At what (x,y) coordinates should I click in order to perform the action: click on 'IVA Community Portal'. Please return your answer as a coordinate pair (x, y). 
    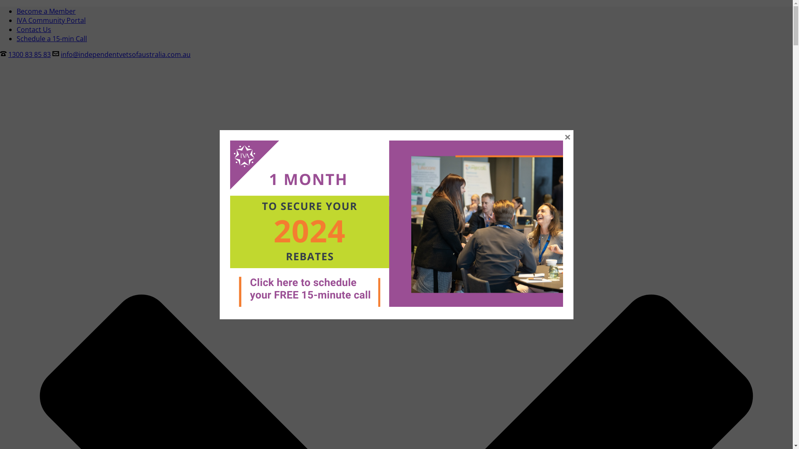
    Looking at the image, I should click on (16, 20).